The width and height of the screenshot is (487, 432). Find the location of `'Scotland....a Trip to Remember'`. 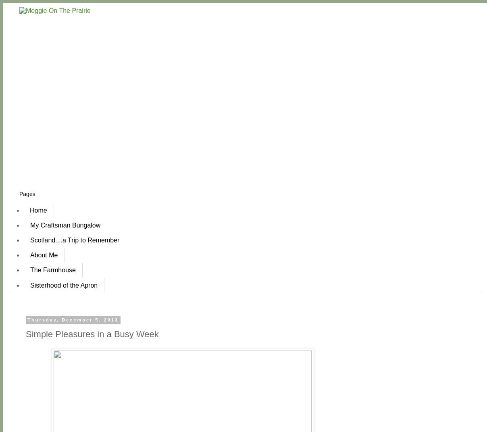

'Scotland....a Trip to Remember' is located at coordinates (75, 240).